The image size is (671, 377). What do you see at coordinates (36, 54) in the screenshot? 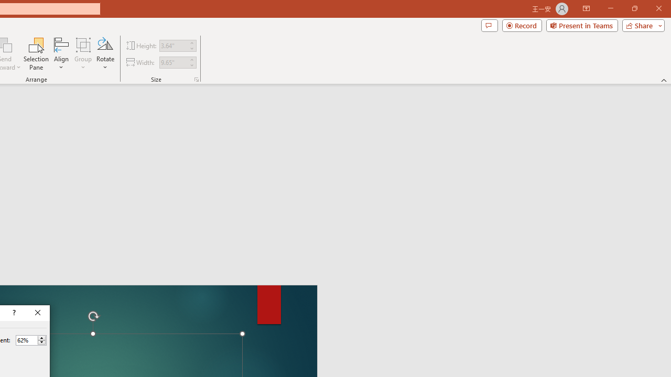
I see `'Selection Pane...'` at bounding box center [36, 54].